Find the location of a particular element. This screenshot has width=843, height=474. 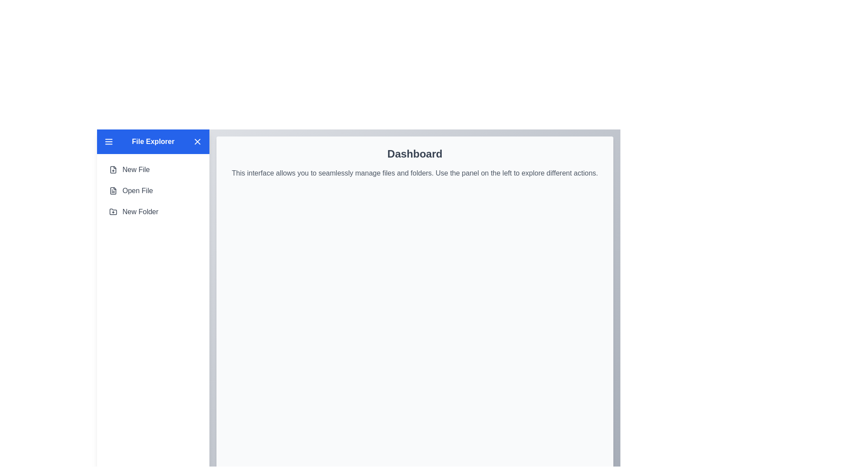

the 'Create New File' button located at the top of the menu options in the left panel is located at coordinates (129, 169).